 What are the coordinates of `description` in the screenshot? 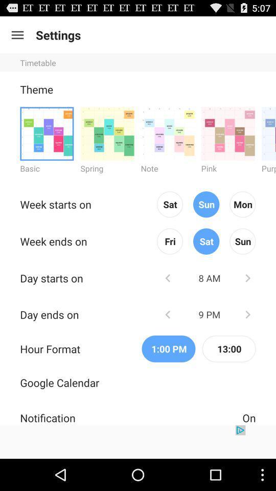 It's located at (138, 441).